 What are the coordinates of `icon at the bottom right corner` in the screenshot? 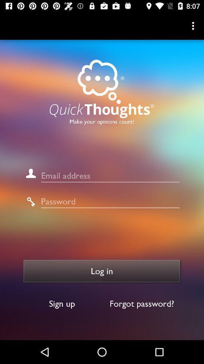 It's located at (142, 304).